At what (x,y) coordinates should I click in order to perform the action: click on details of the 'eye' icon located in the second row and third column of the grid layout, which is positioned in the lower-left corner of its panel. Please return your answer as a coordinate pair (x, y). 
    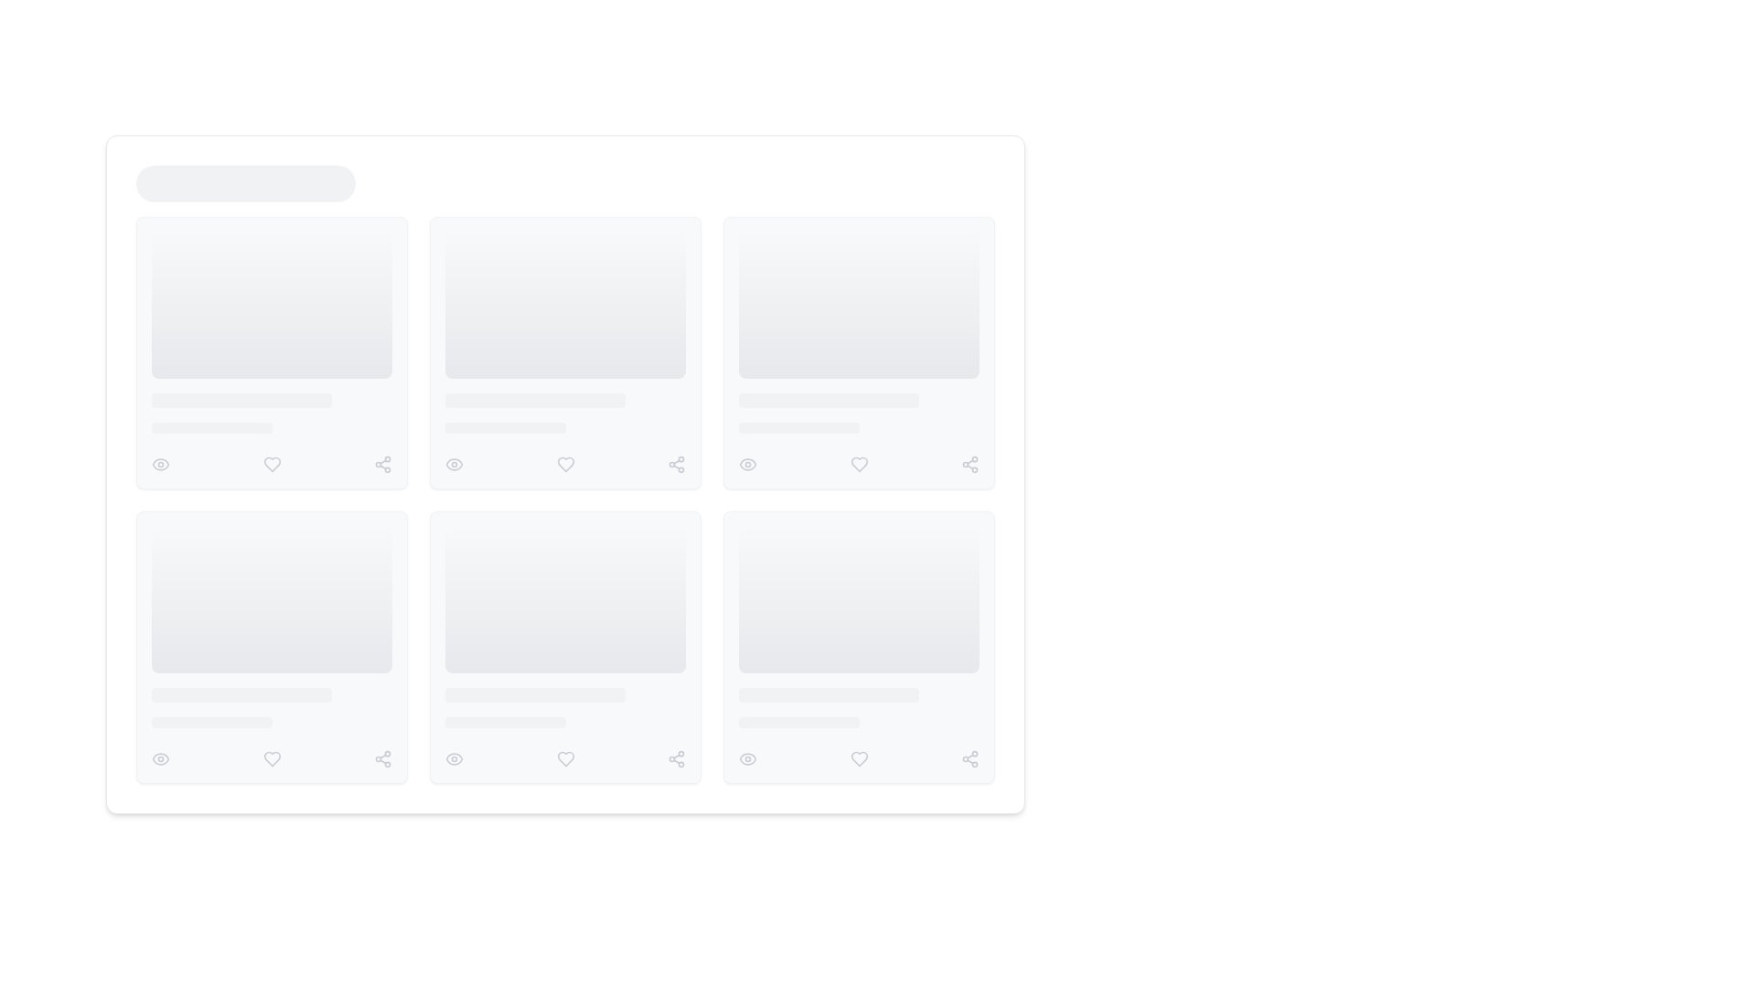
    Looking at the image, I should click on (747, 464).